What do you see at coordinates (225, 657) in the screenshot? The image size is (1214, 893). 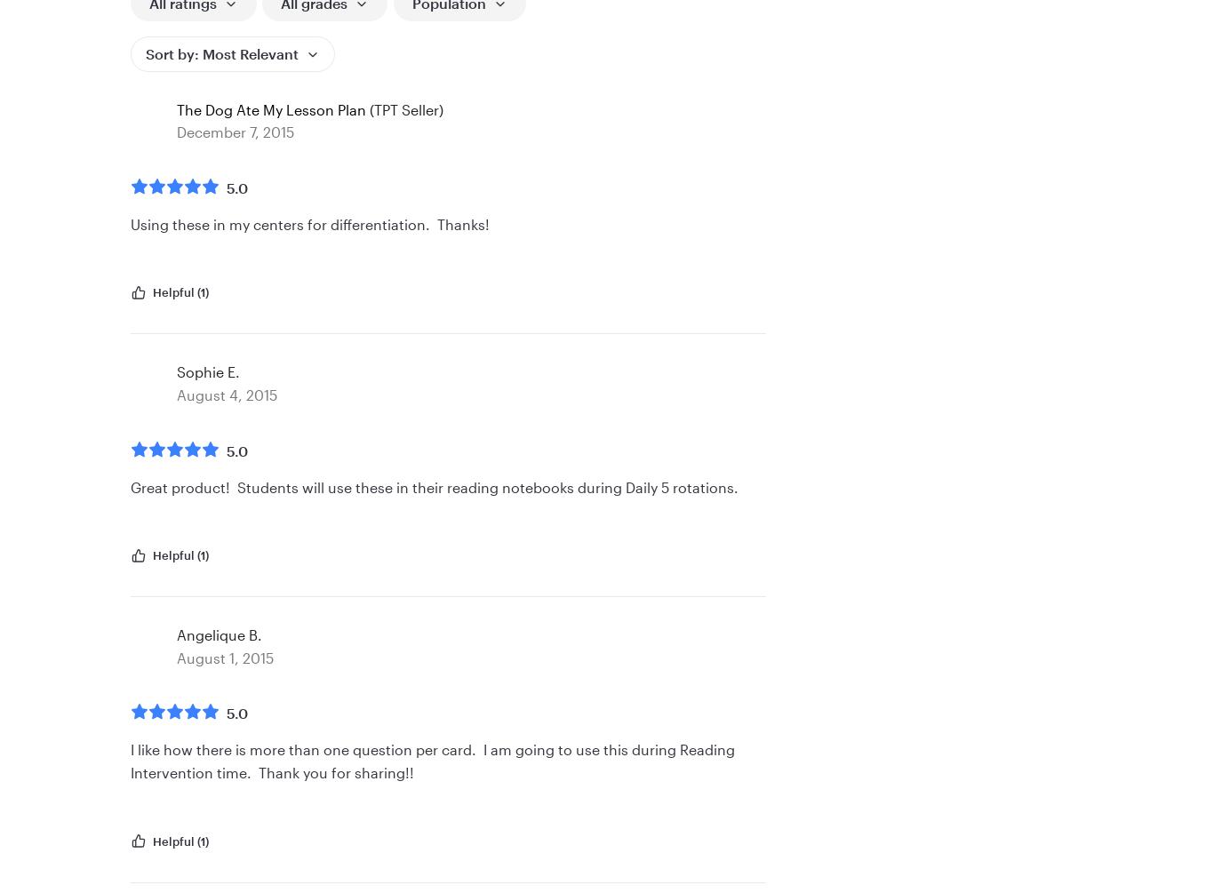 I see `'August 1, 2015'` at bounding box center [225, 657].